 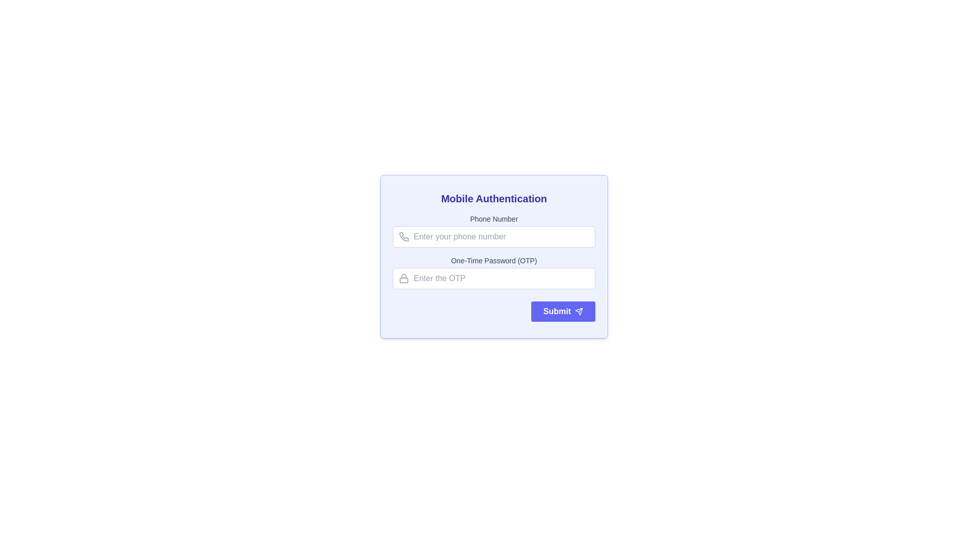 I want to click on the keyhole body of the lock icon, which is a minimalist SVG rounded rectangle positioned above the 'Submit' button and near the middle of the 'Enter the OTP' input field, so click(x=403, y=280).